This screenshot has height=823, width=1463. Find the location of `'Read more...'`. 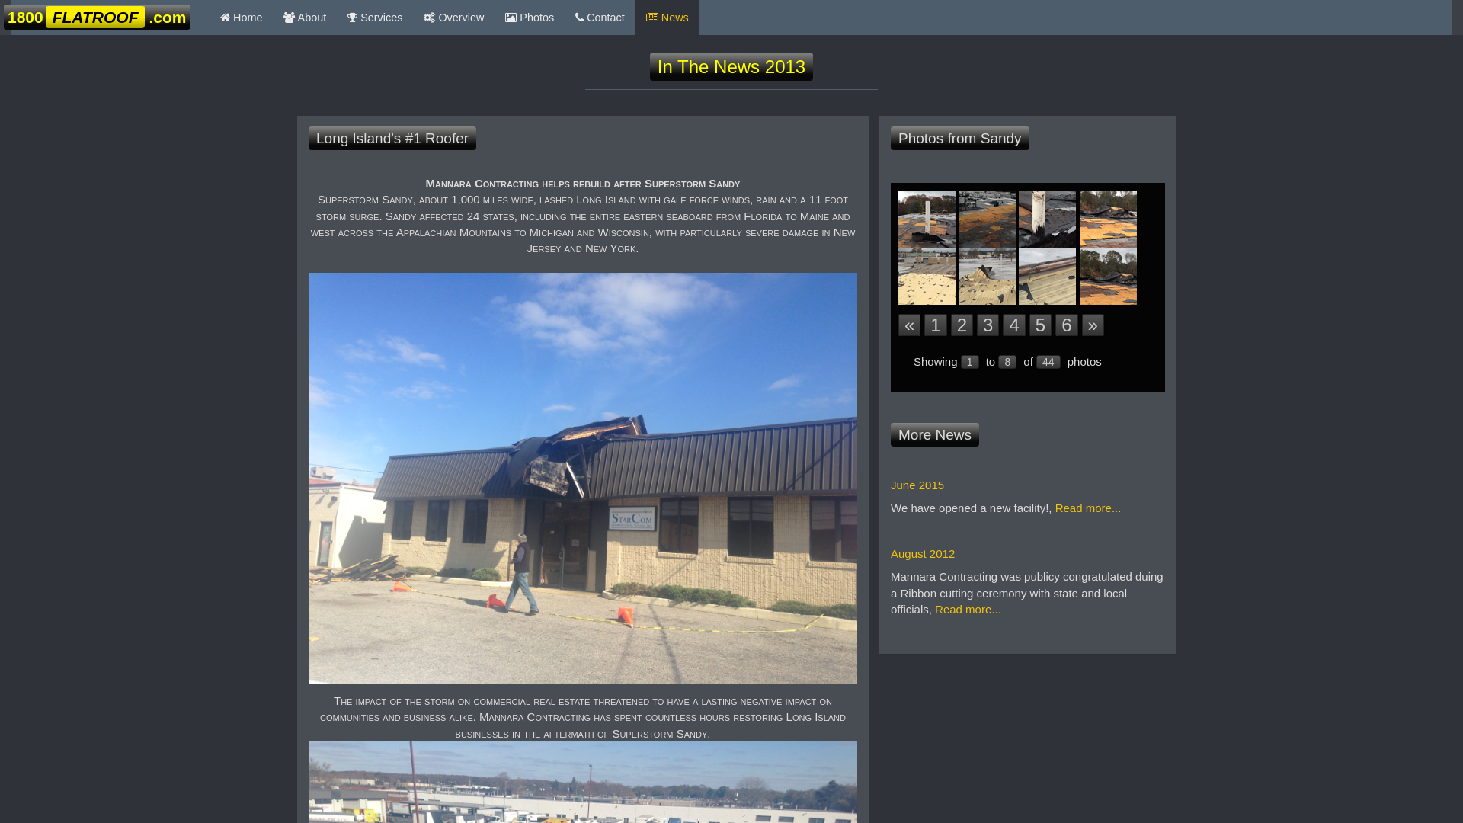

'Read more...' is located at coordinates (1087, 508).